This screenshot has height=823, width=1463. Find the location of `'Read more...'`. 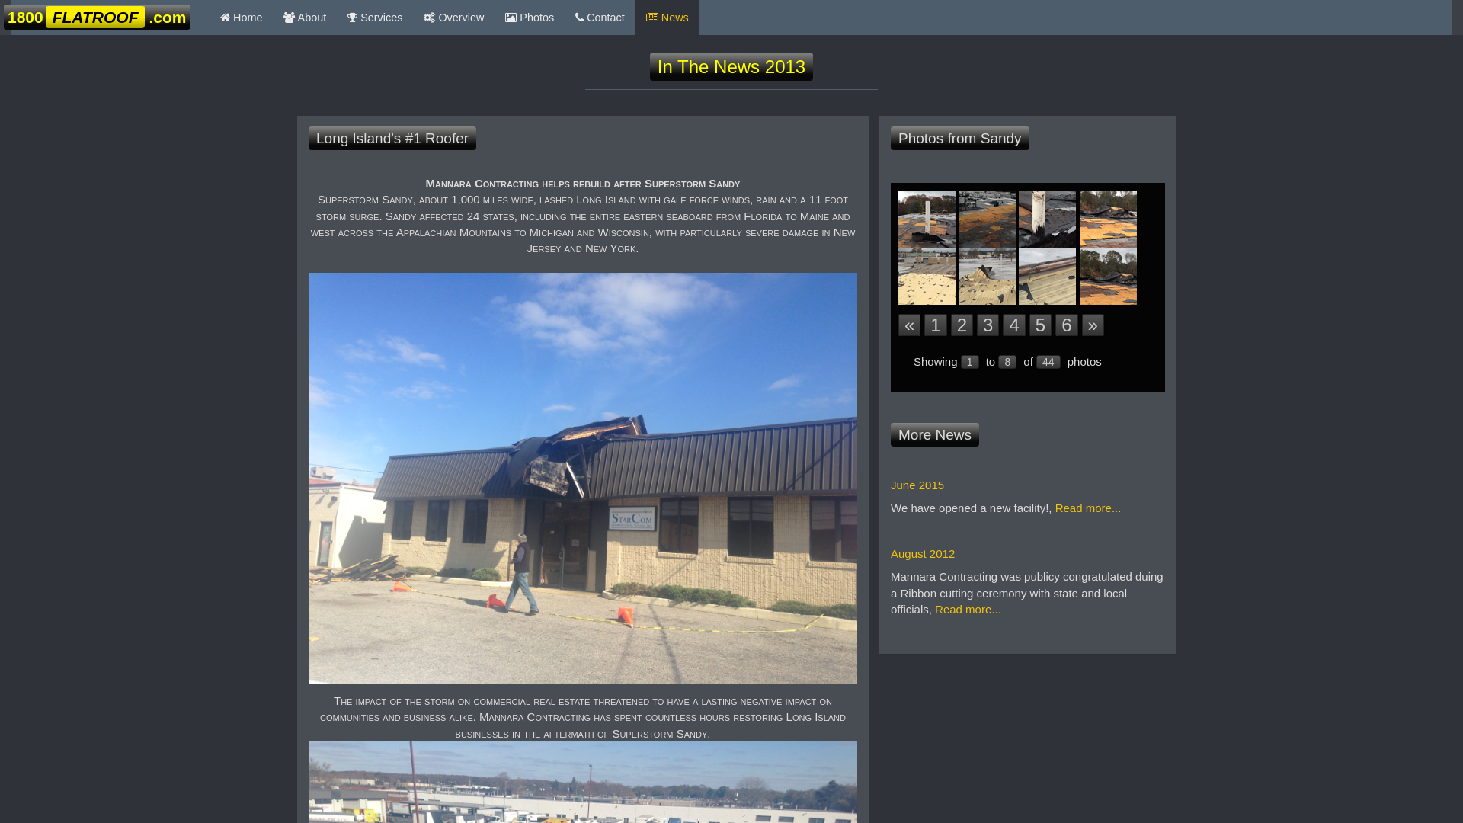

'Read more...' is located at coordinates (1087, 508).